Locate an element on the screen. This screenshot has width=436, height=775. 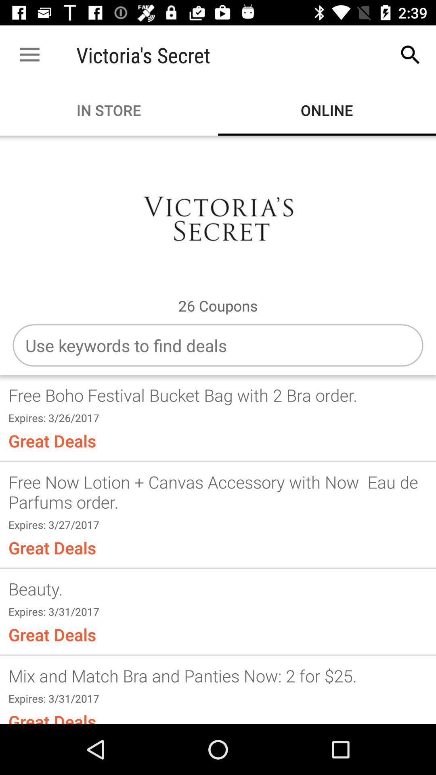
the item to the left of the victoria's secret  item is located at coordinates (29, 54).